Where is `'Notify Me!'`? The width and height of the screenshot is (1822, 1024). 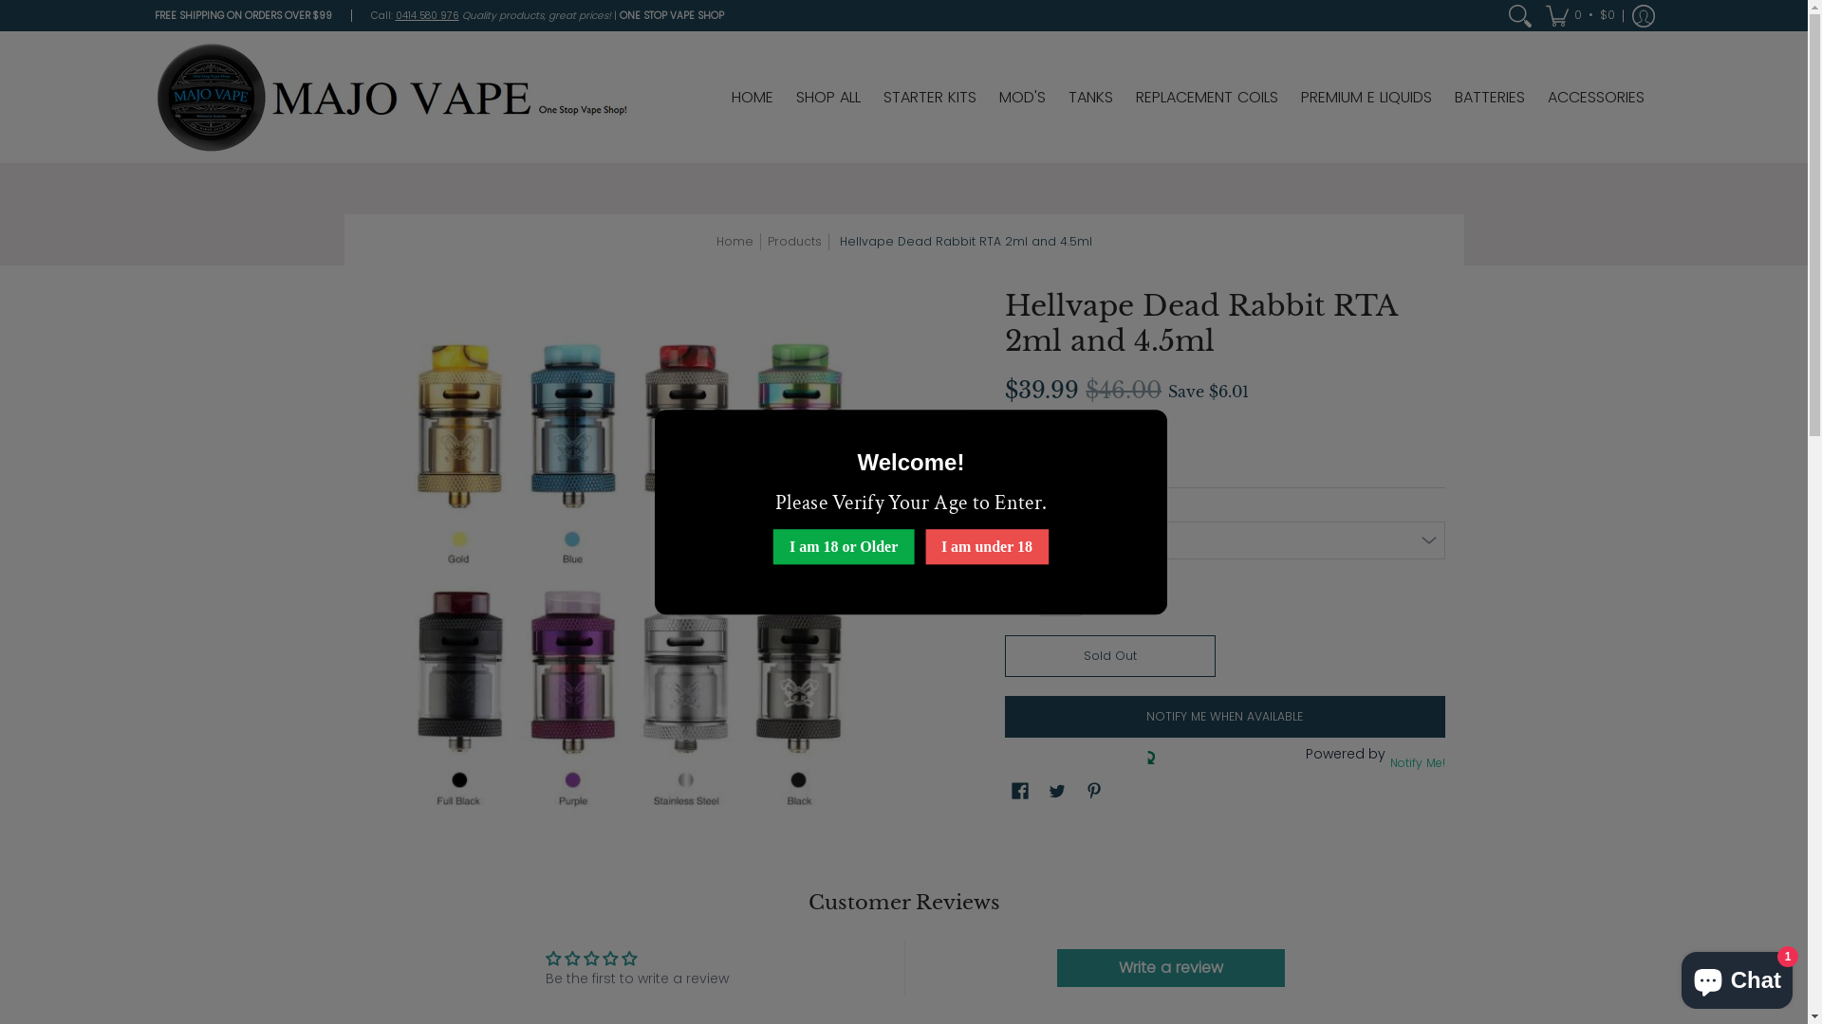 'Notify Me!' is located at coordinates (1385, 761).